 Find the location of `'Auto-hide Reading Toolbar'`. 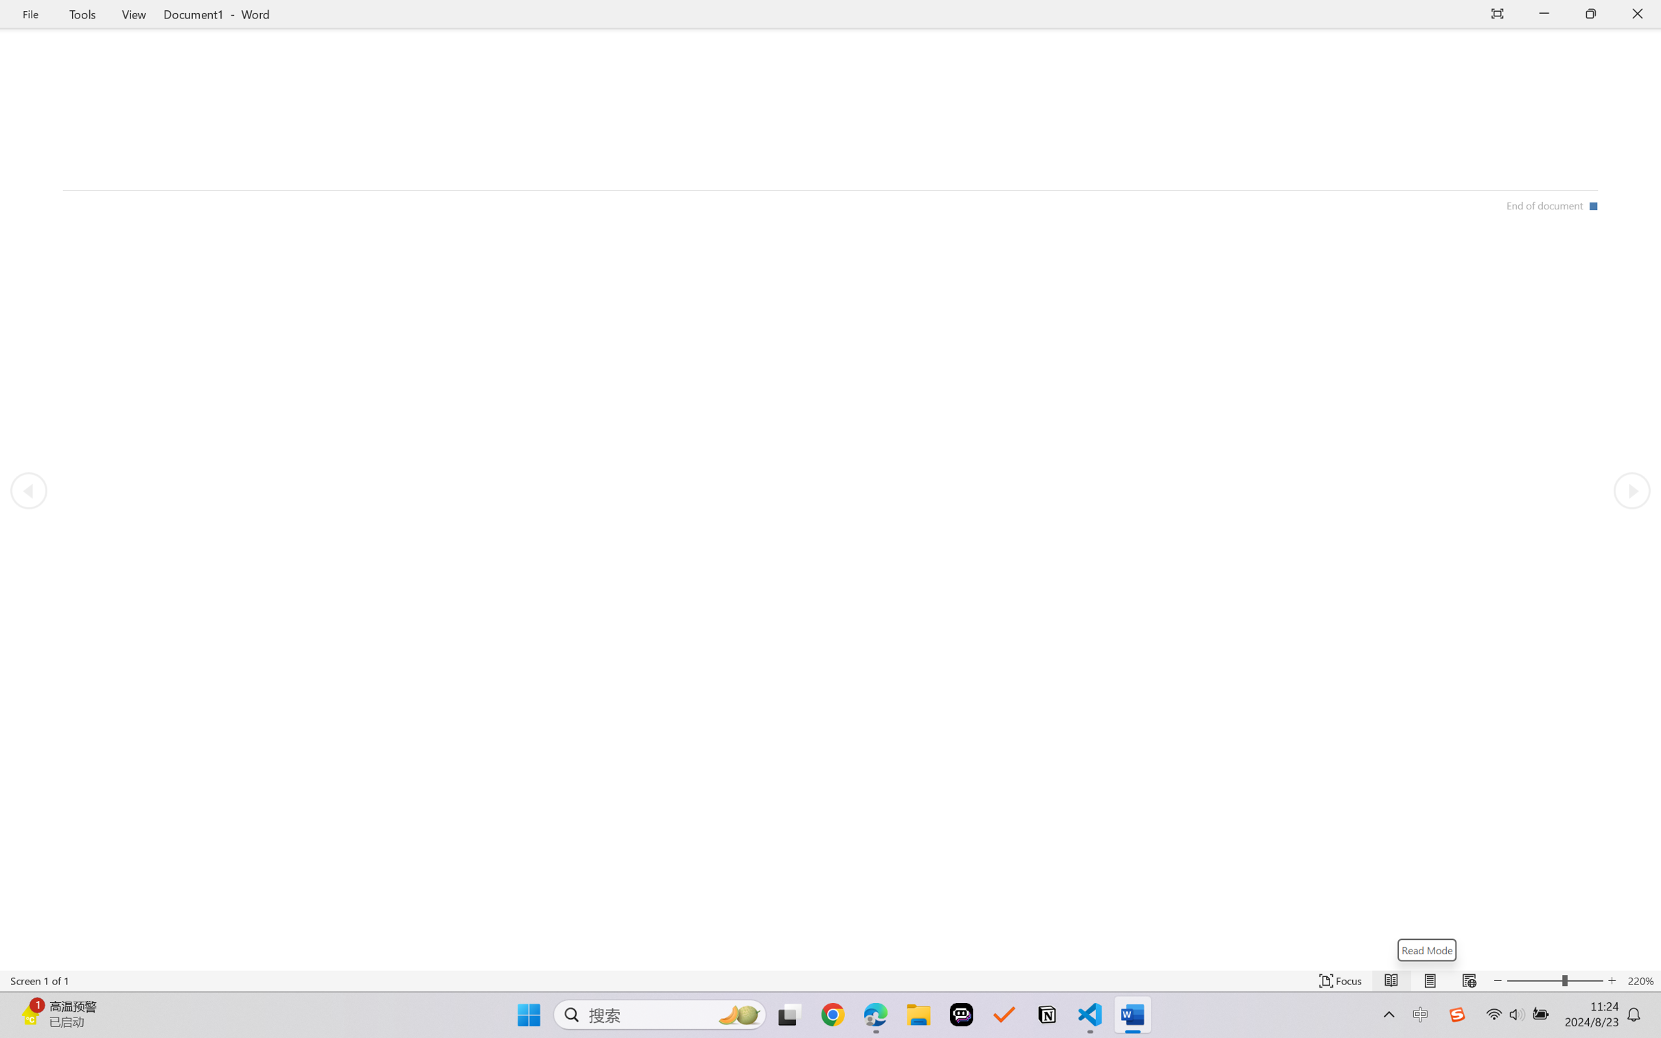

'Auto-hide Reading Toolbar' is located at coordinates (1498, 14).